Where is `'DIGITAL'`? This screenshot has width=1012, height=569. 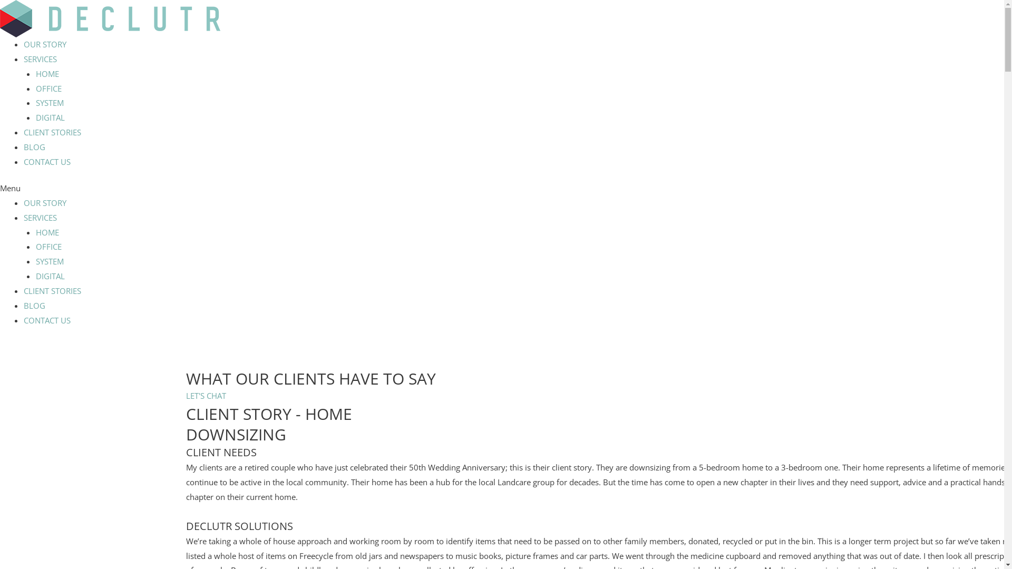 'DIGITAL' is located at coordinates (50, 117).